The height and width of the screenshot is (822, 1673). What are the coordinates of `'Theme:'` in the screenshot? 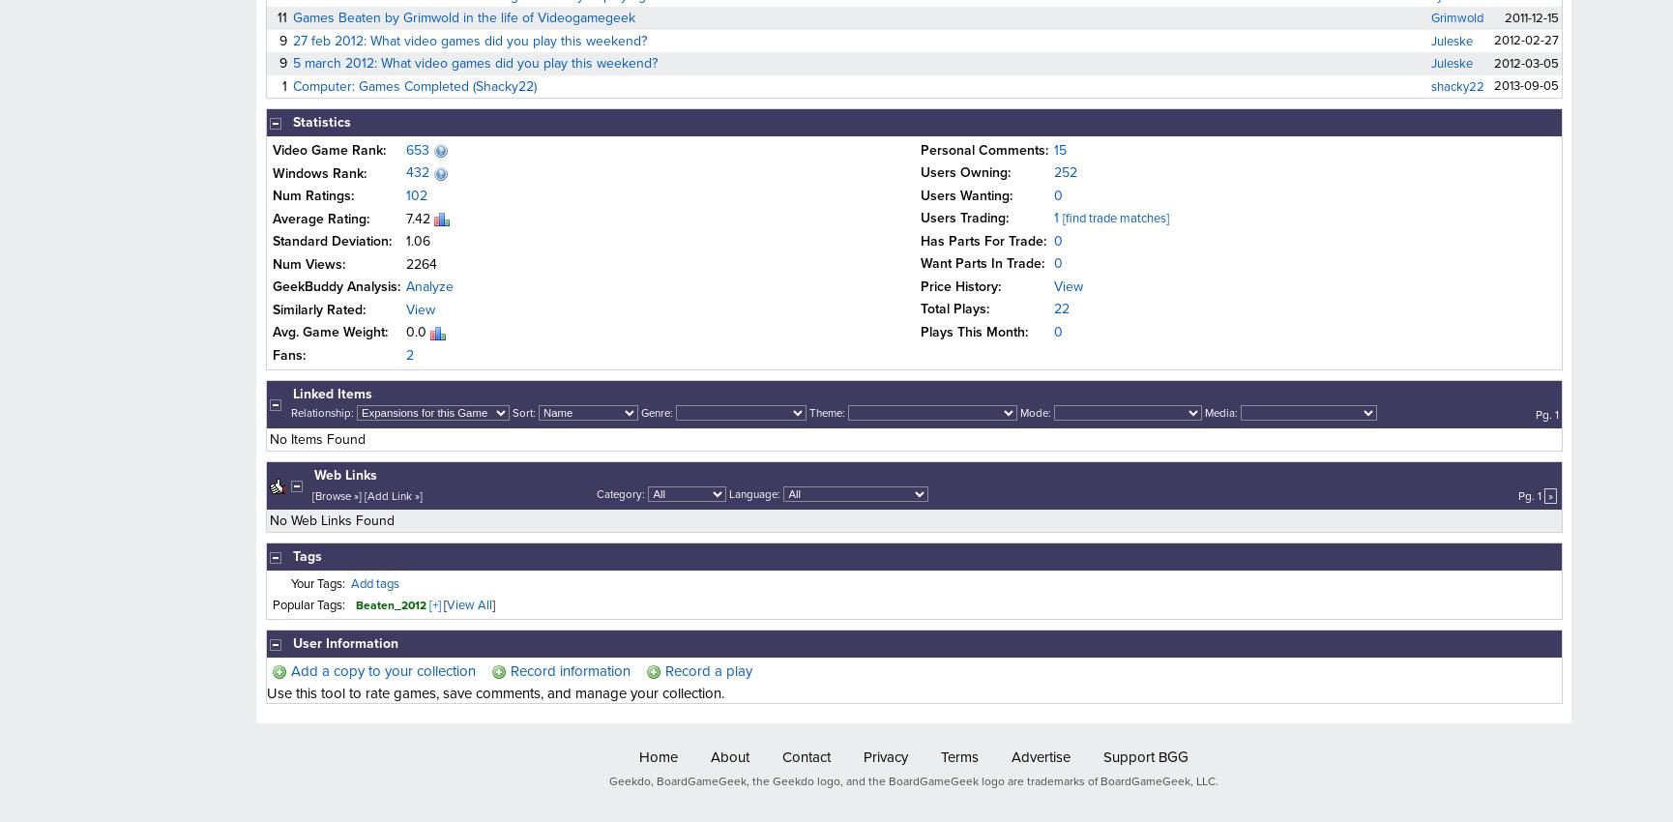 It's located at (826, 412).